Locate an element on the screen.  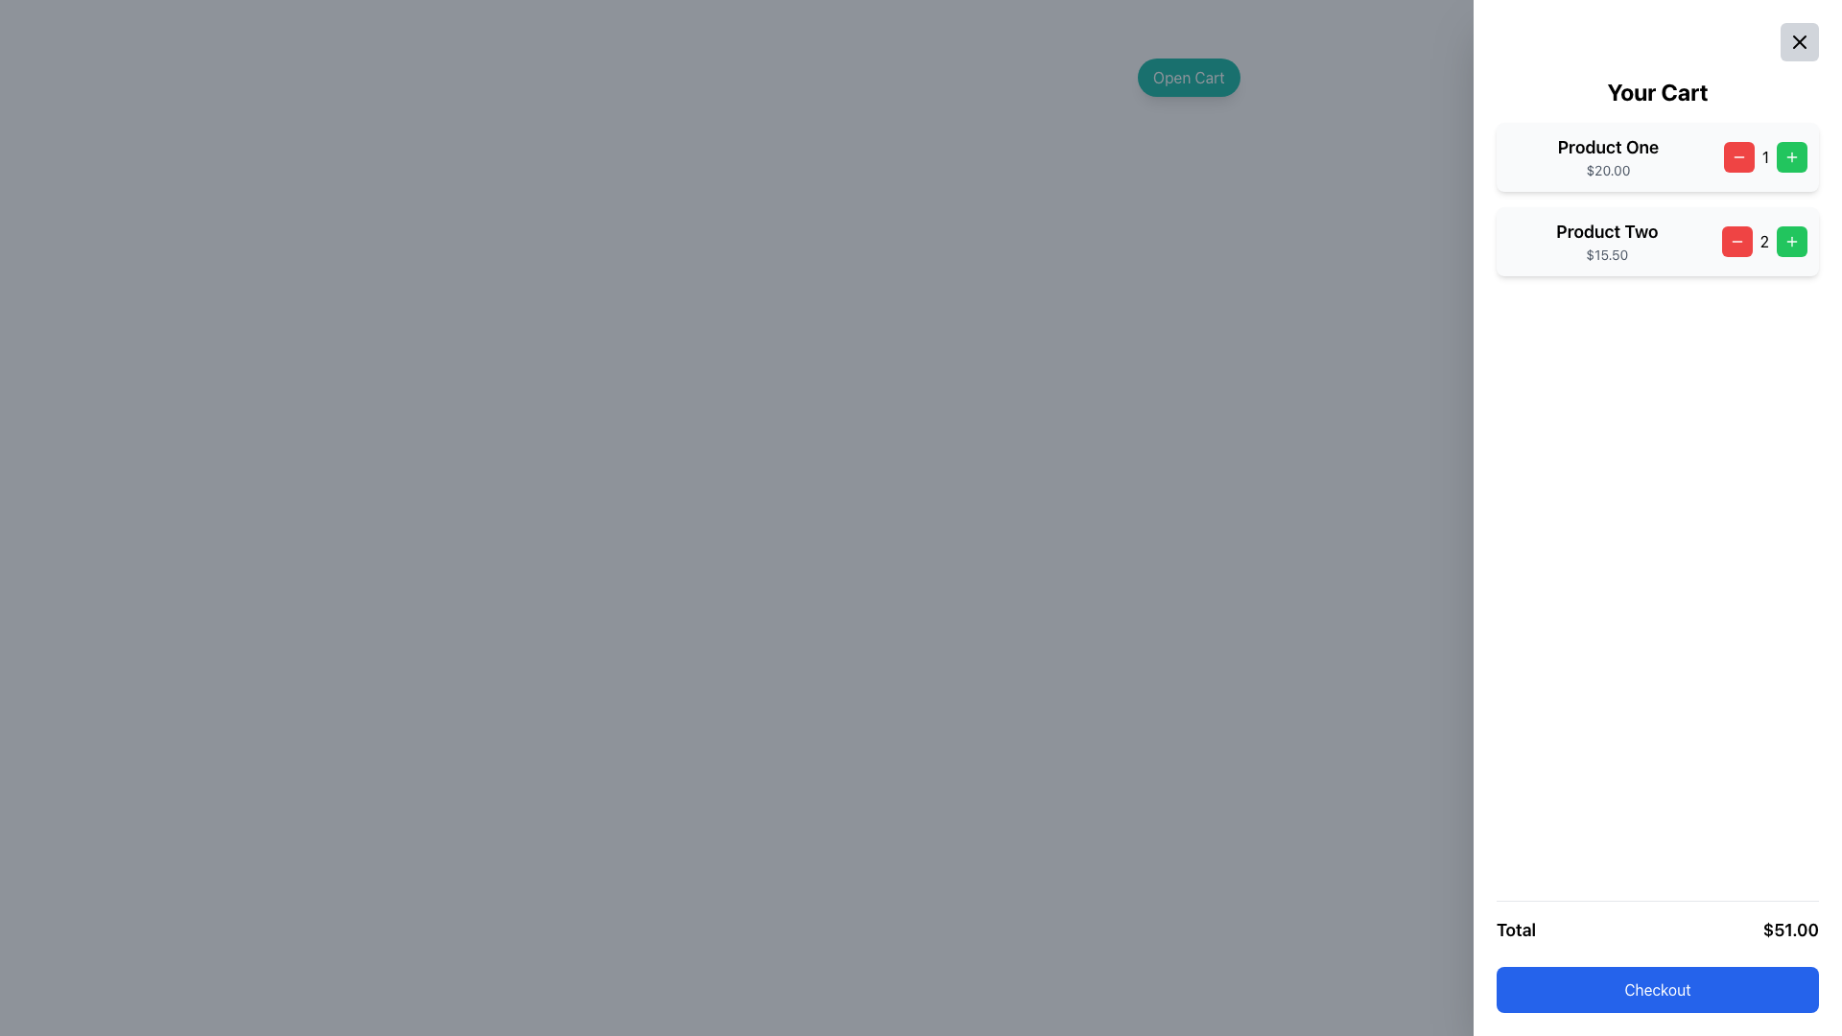
the diagonal line of the SVG icon representing the 'X' shape in the top-right section of the modal overlay is located at coordinates (1799, 41).